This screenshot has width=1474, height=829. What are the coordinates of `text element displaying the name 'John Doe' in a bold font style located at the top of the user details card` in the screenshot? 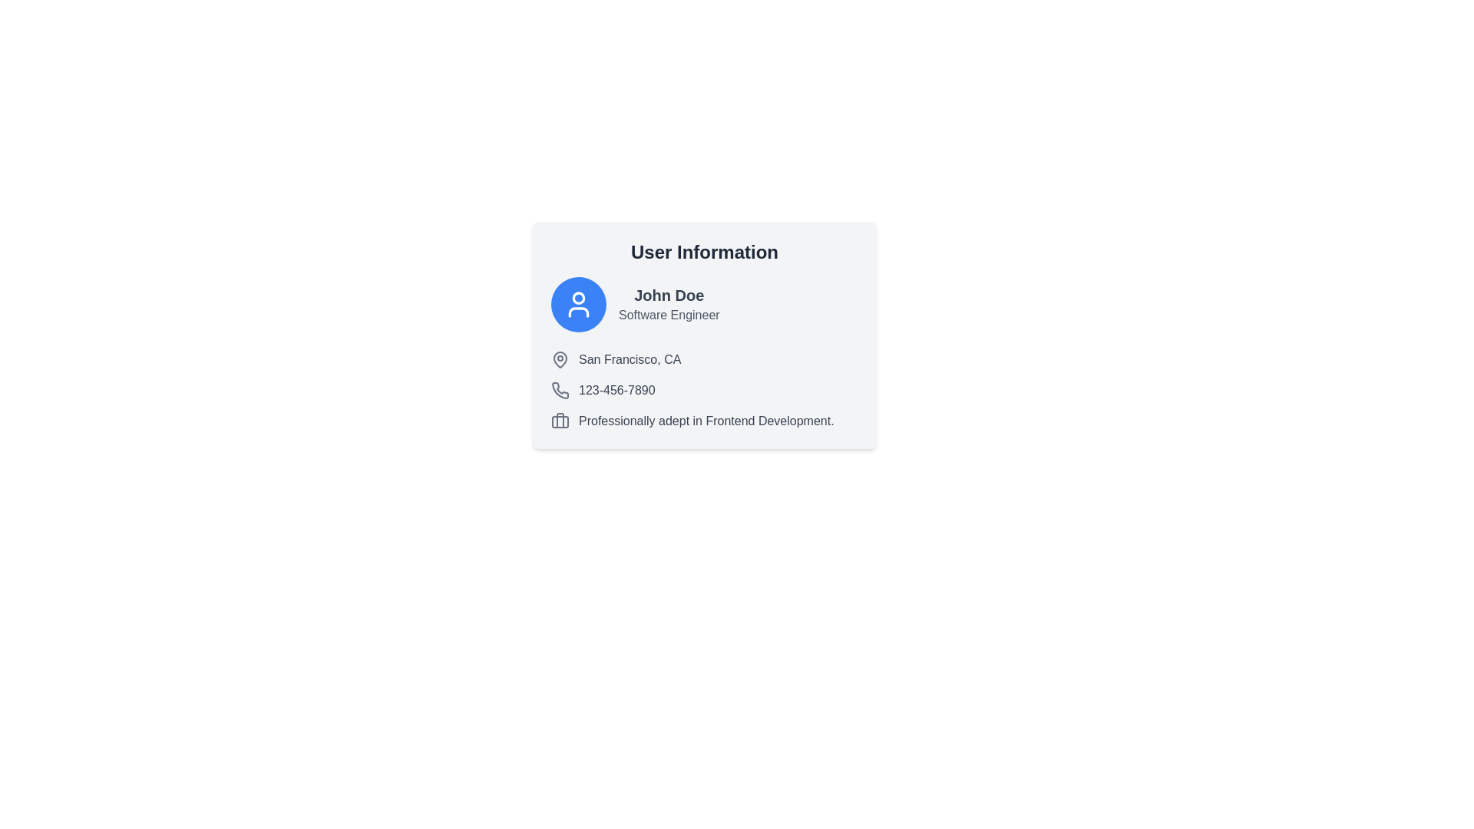 It's located at (669, 296).